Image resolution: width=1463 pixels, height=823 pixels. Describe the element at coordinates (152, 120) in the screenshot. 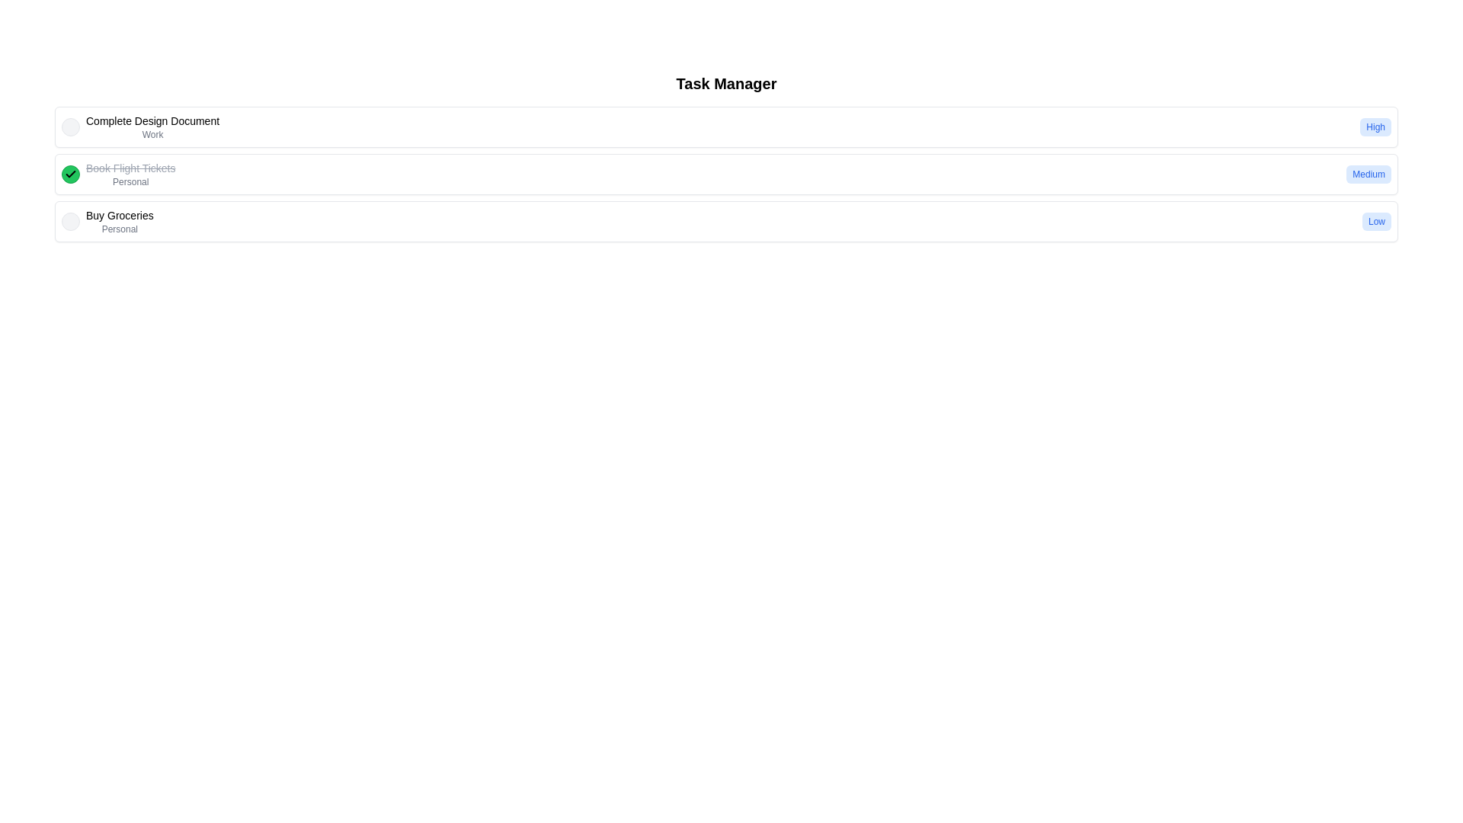

I see `the text label that describes the task 'Complete Design Document', which is positioned above the secondary text 'Work' in the first task row of the vertical list layout` at that location.